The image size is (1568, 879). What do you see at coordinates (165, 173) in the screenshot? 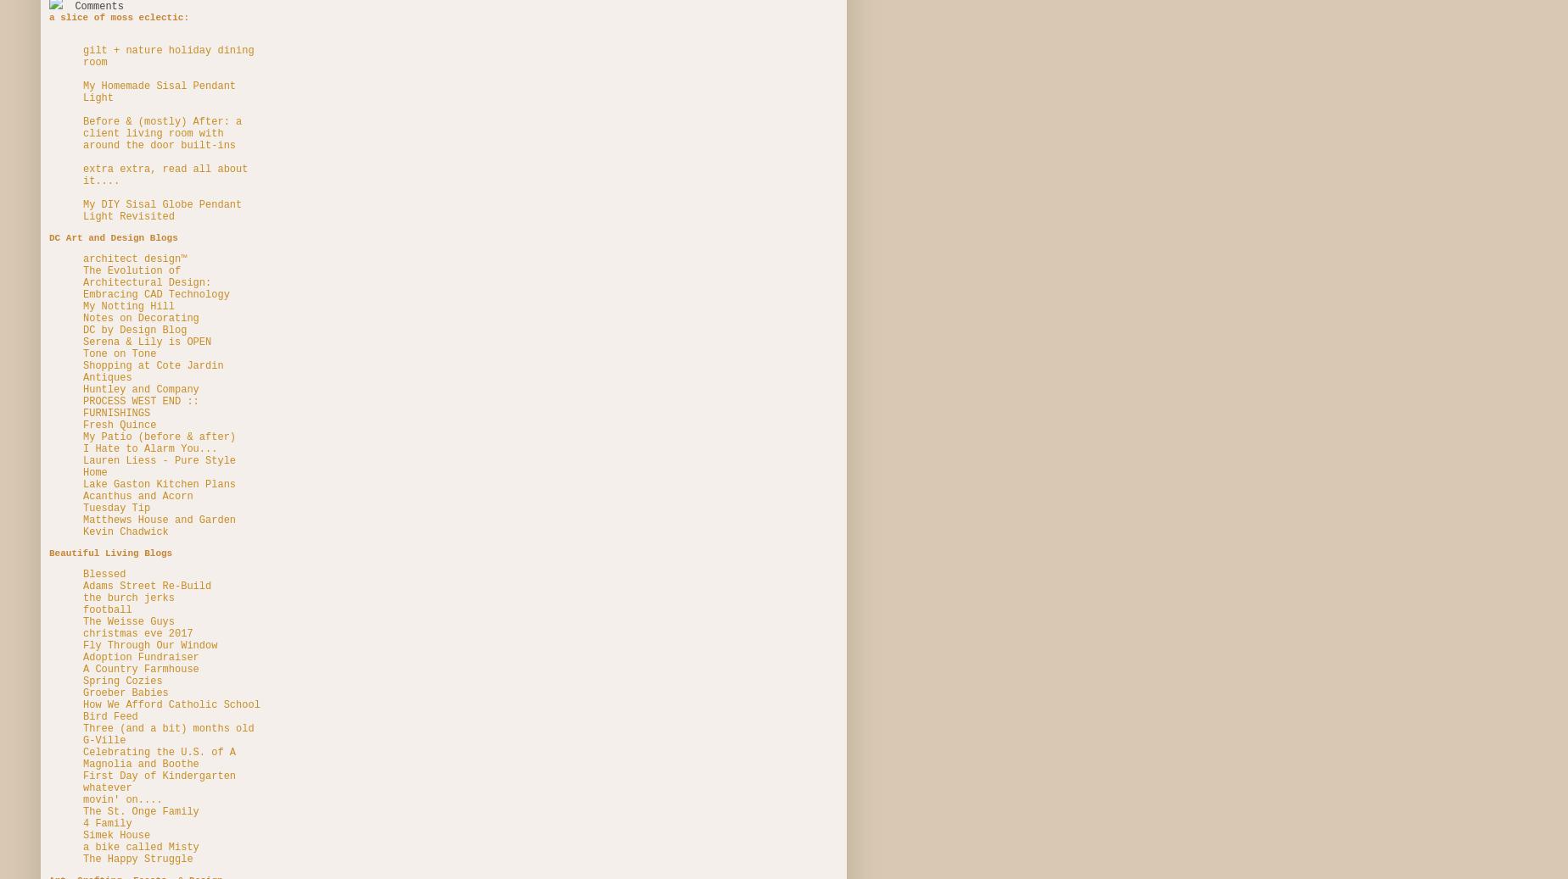
I see `'extra extra, read all about it....'` at bounding box center [165, 173].